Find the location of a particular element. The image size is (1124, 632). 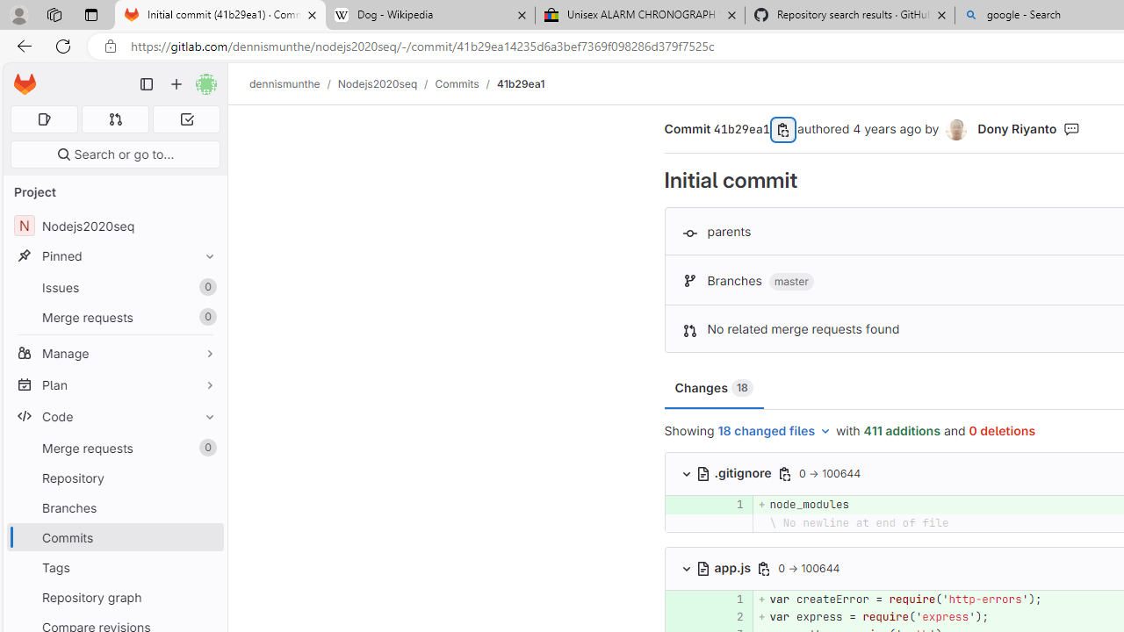

'To-Do list 0' is located at coordinates (186, 118).